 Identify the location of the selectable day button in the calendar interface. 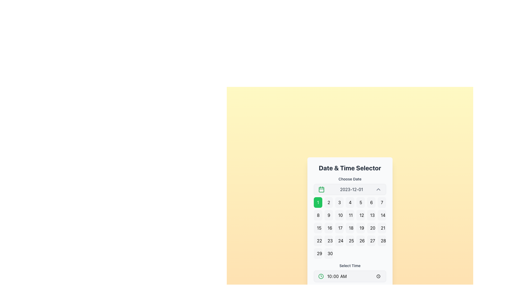
(371, 202).